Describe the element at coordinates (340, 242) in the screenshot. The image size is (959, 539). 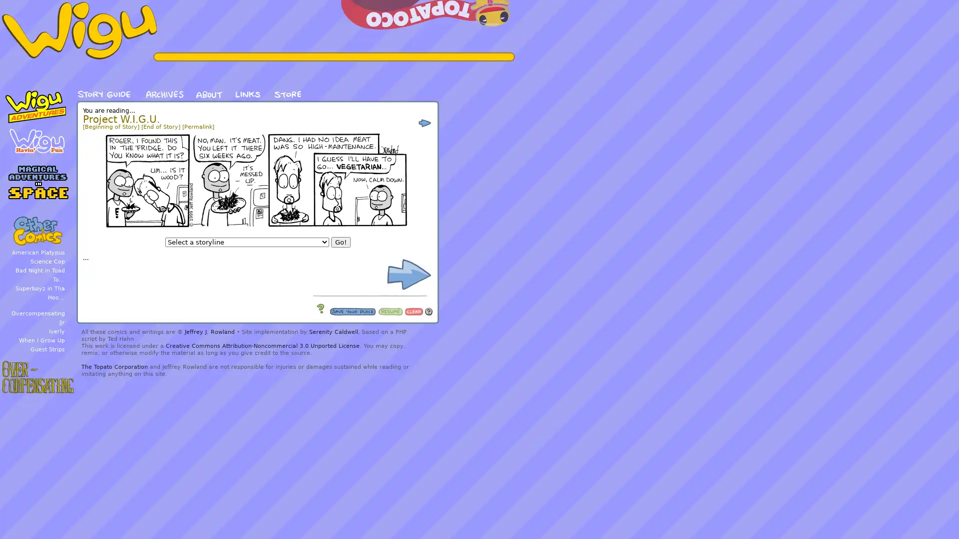
I see `Go!` at that location.